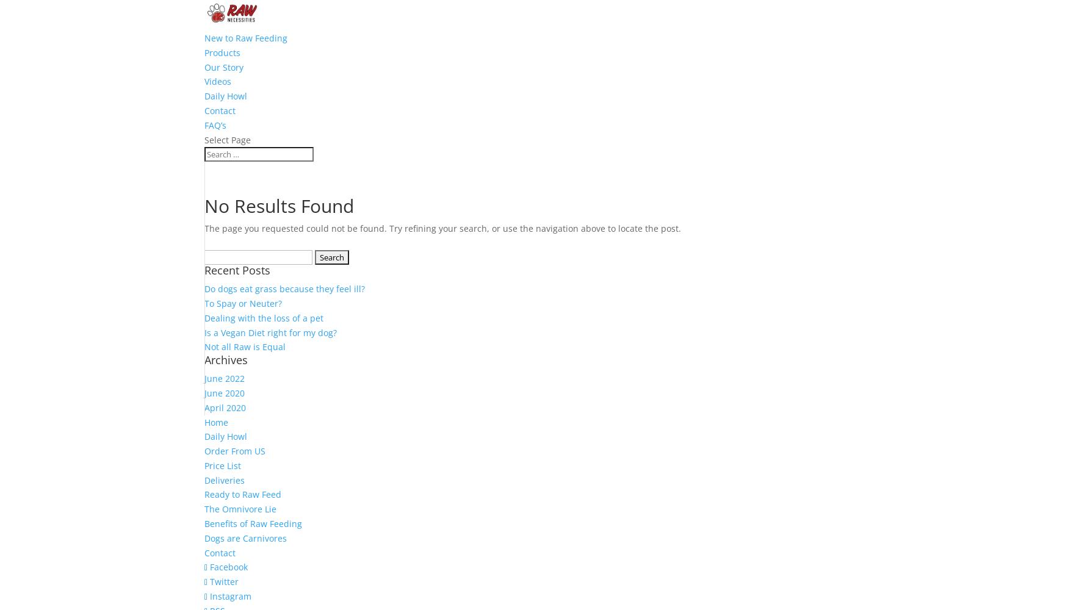  I want to click on 'Videos', so click(218, 81).